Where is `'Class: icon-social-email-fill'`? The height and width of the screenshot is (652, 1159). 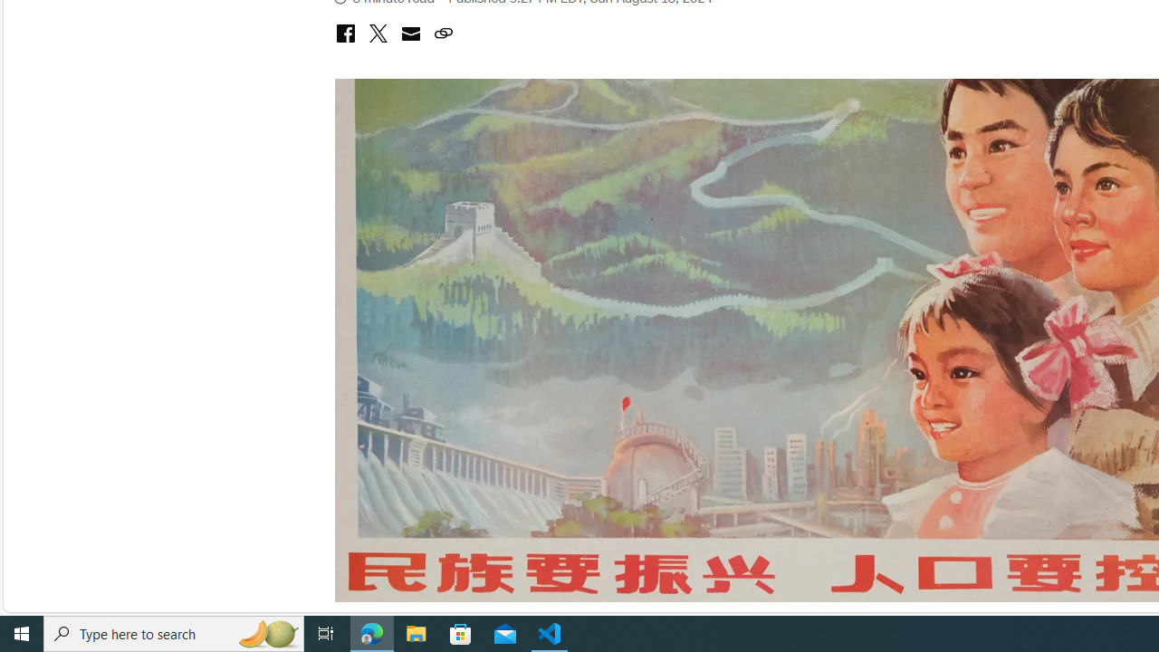 'Class: icon-social-email-fill' is located at coordinates (409, 34).